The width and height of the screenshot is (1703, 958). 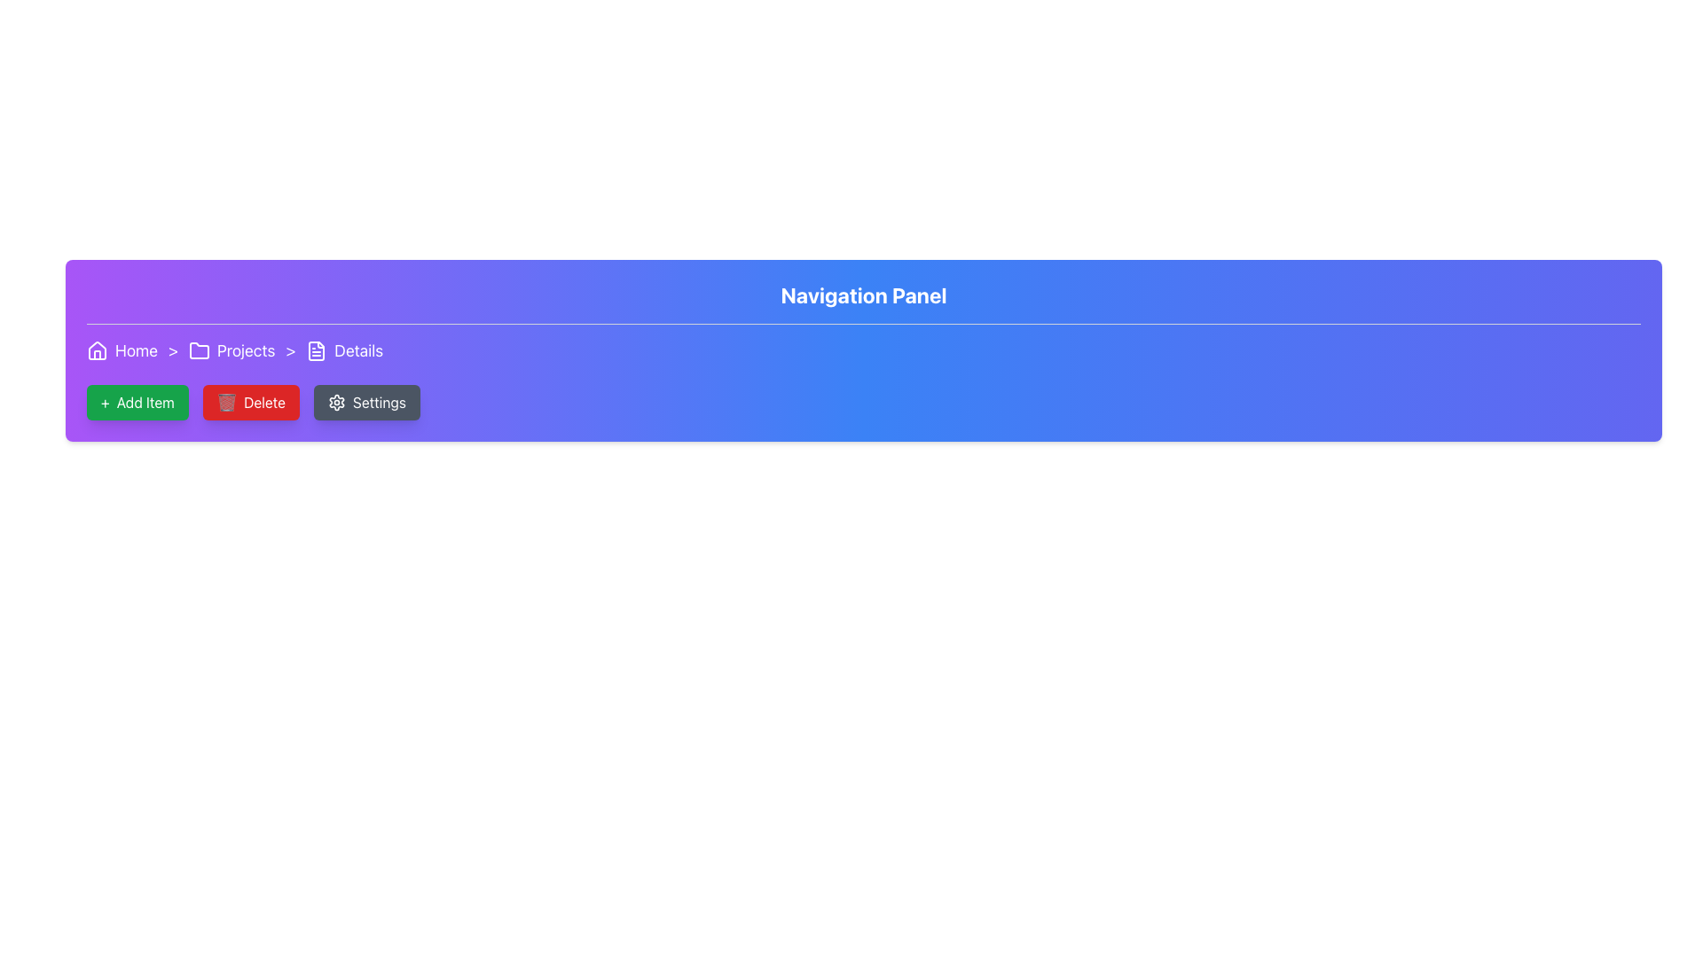 I want to click on the 'Details' section icon in the breadcrumb navigation, which is positioned centrally between the 'Projects' and 'Details' elements, so click(x=317, y=351).